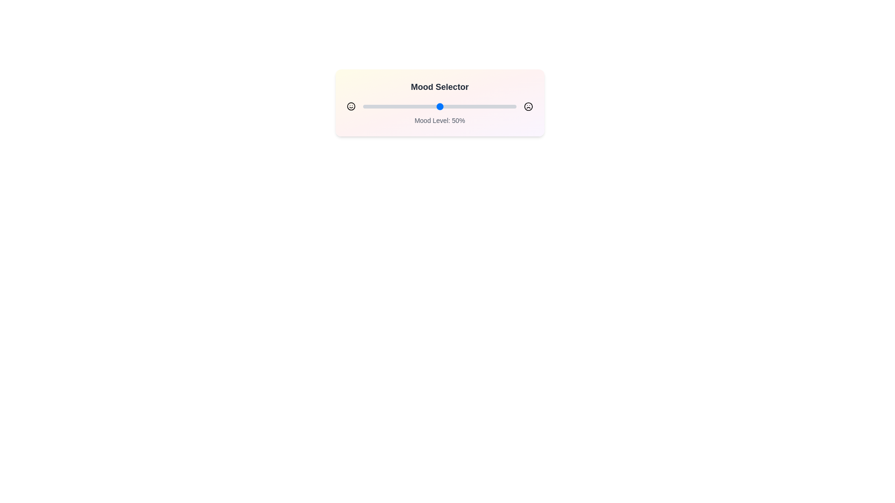 This screenshot has height=503, width=895. I want to click on the mood slider to set the mood level to 35, so click(416, 106).